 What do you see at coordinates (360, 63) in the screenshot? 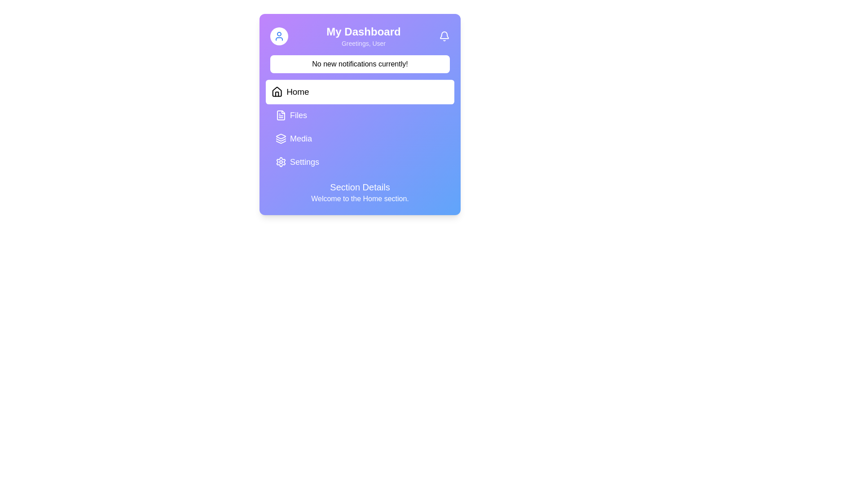
I see `text from the label displaying 'No new notifications currently!' which is styled in black on a white background, located in a rounded rectangle near the top of the dashboard interface` at bounding box center [360, 63].